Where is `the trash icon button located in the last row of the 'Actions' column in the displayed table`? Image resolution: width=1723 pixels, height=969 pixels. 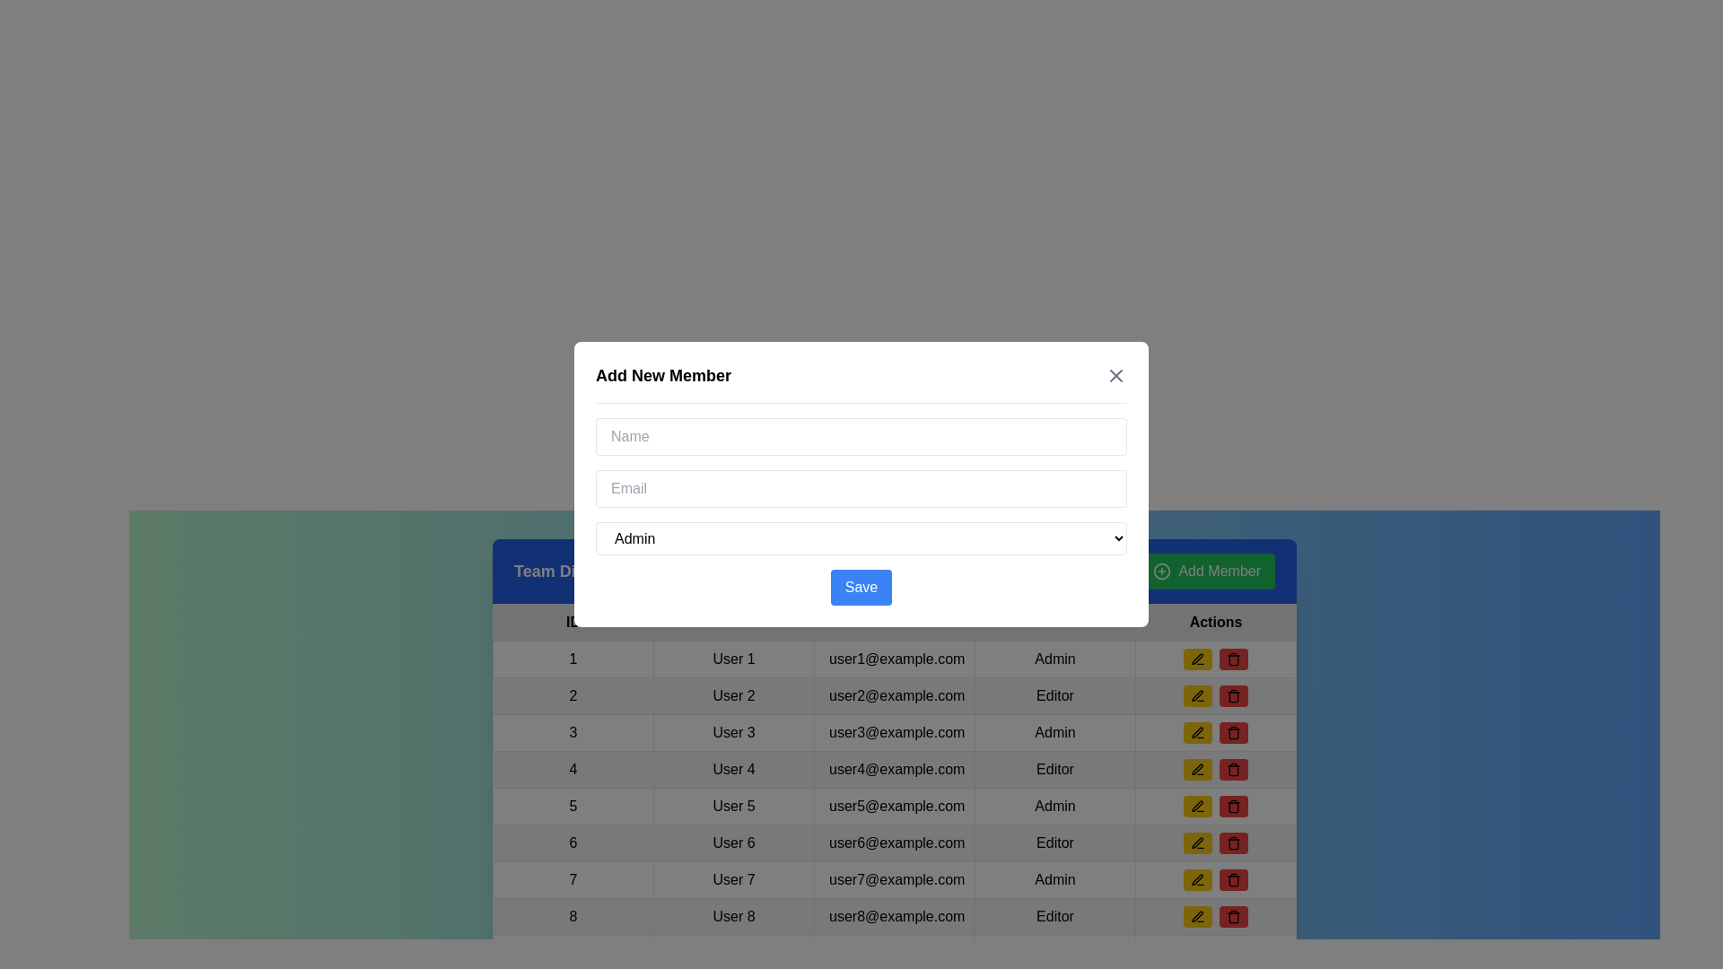
the trash icon button located in the last row of the 'Actions' column in the displayed table is located at coordinates (1232, 917).